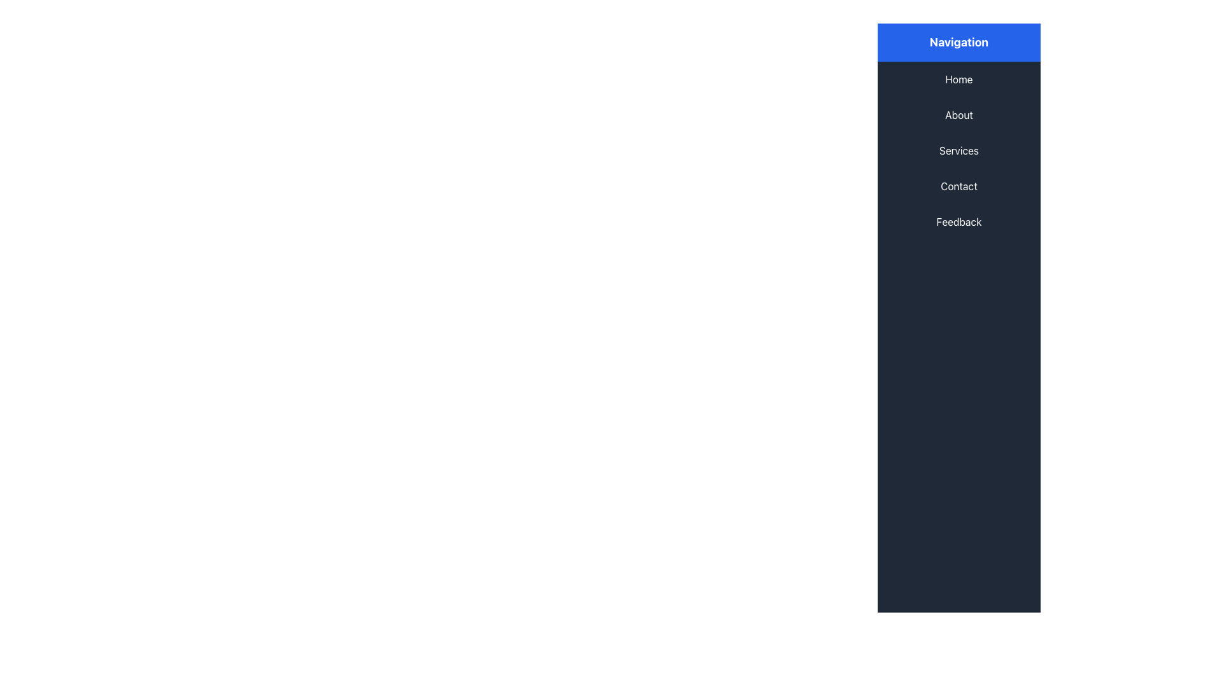 The width and height of the screenshot is (1222, 687). I want to click on the third item in the vertically stacked navigation menu, which serves as a text label for redirecting users to the services section of the application, so click(959, 149).